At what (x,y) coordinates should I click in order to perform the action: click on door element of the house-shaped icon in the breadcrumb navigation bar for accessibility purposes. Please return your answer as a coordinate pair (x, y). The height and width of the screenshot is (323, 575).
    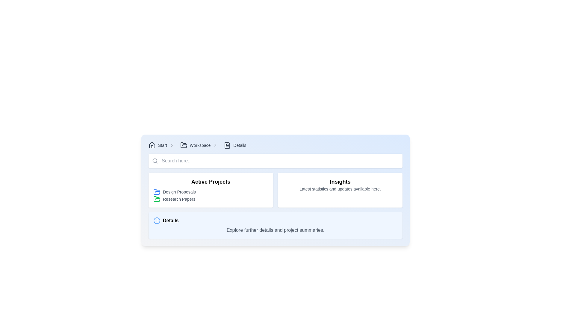
    Looking at the image, I should click on (152, 147).